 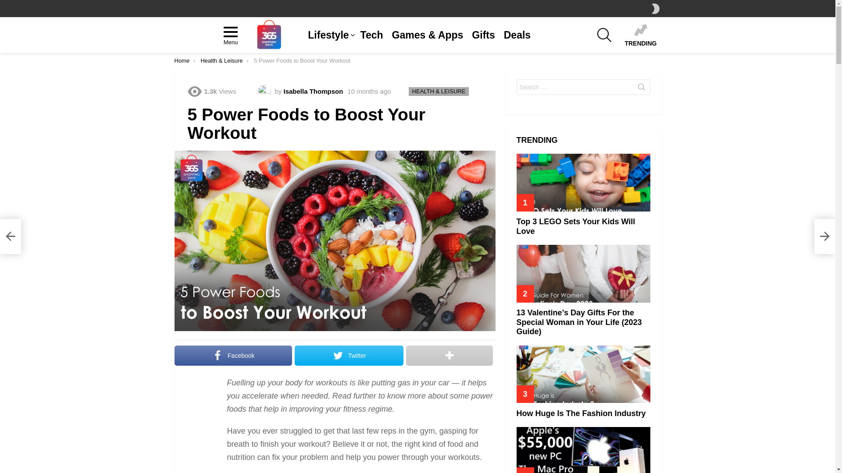 I want to click on 'Lifestyle', so click(x=329, y=35).